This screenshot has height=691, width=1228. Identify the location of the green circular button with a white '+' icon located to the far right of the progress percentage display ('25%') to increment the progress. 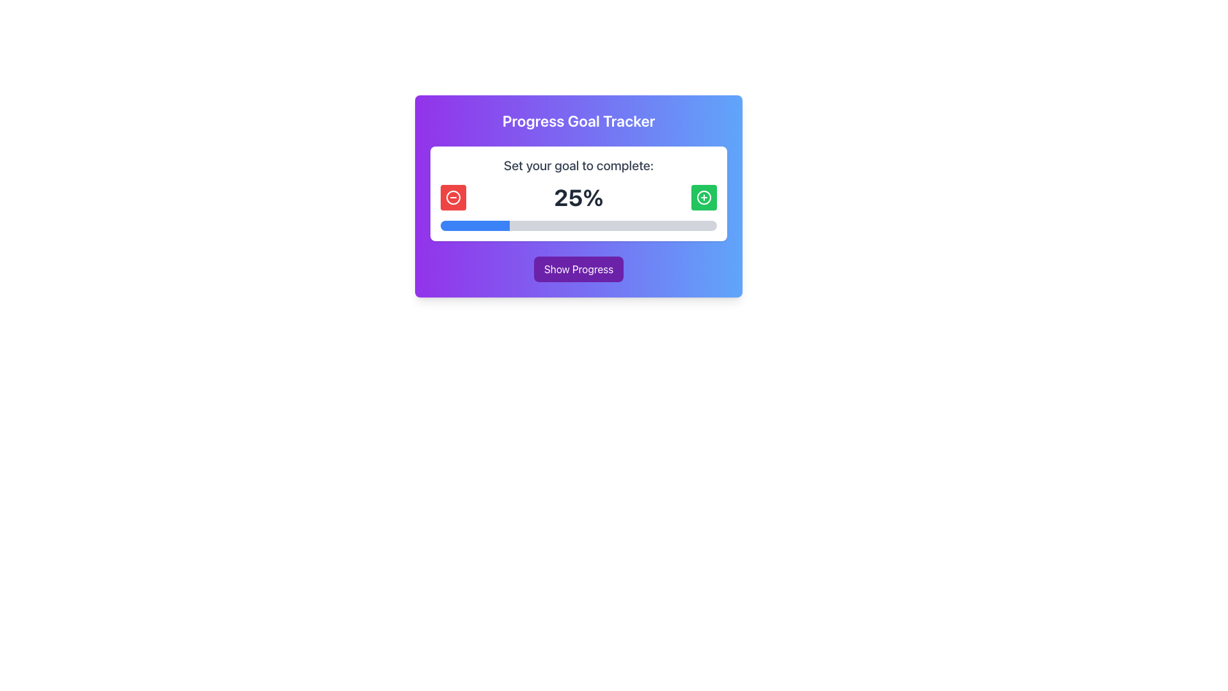
(703, 197).